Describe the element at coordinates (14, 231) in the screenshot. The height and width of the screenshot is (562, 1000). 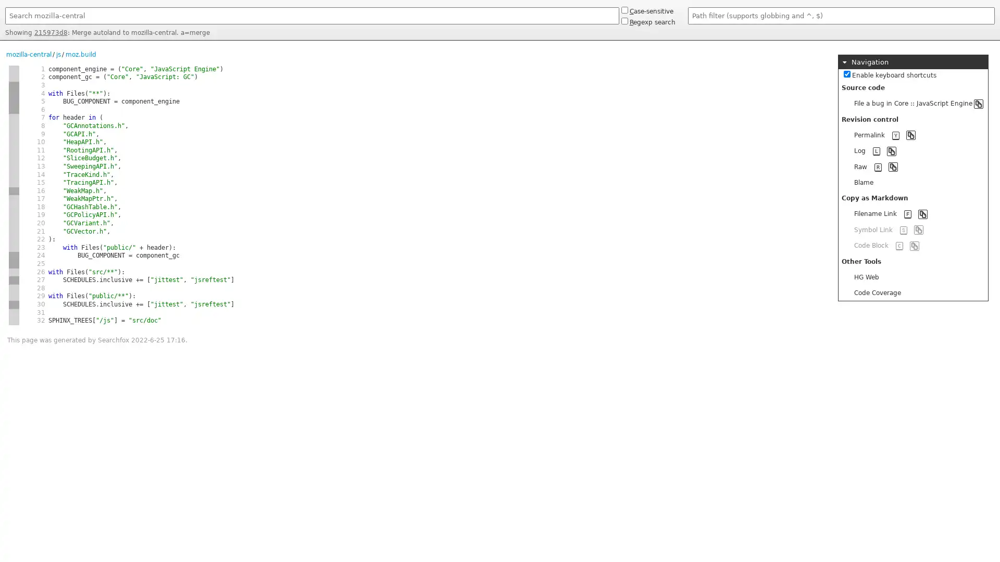
I see `same hash 1` at that location.